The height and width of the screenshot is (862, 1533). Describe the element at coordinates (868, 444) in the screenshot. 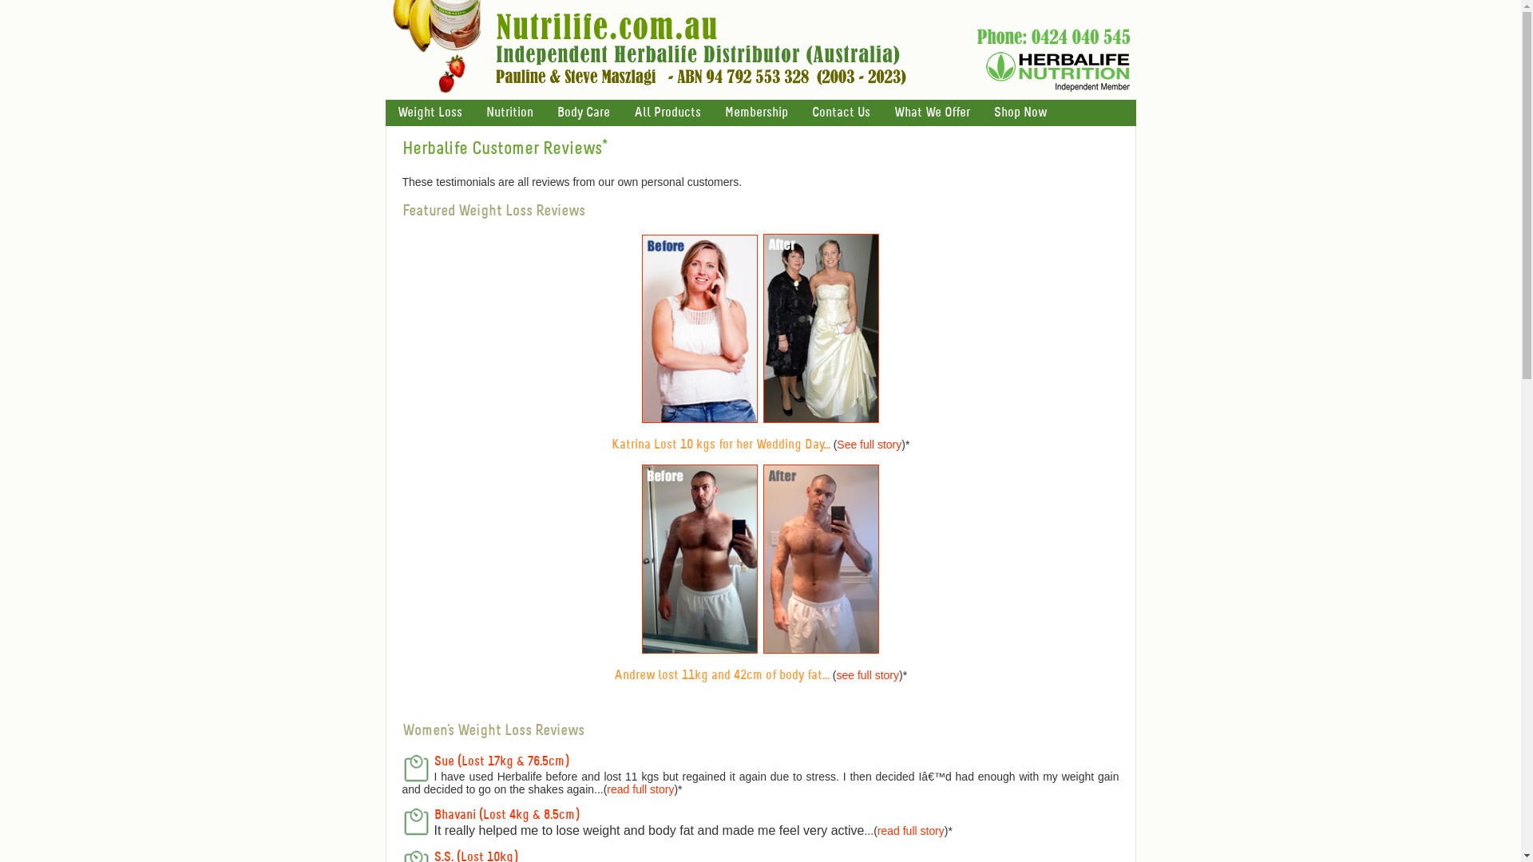

I see `'See full story'` at that location.